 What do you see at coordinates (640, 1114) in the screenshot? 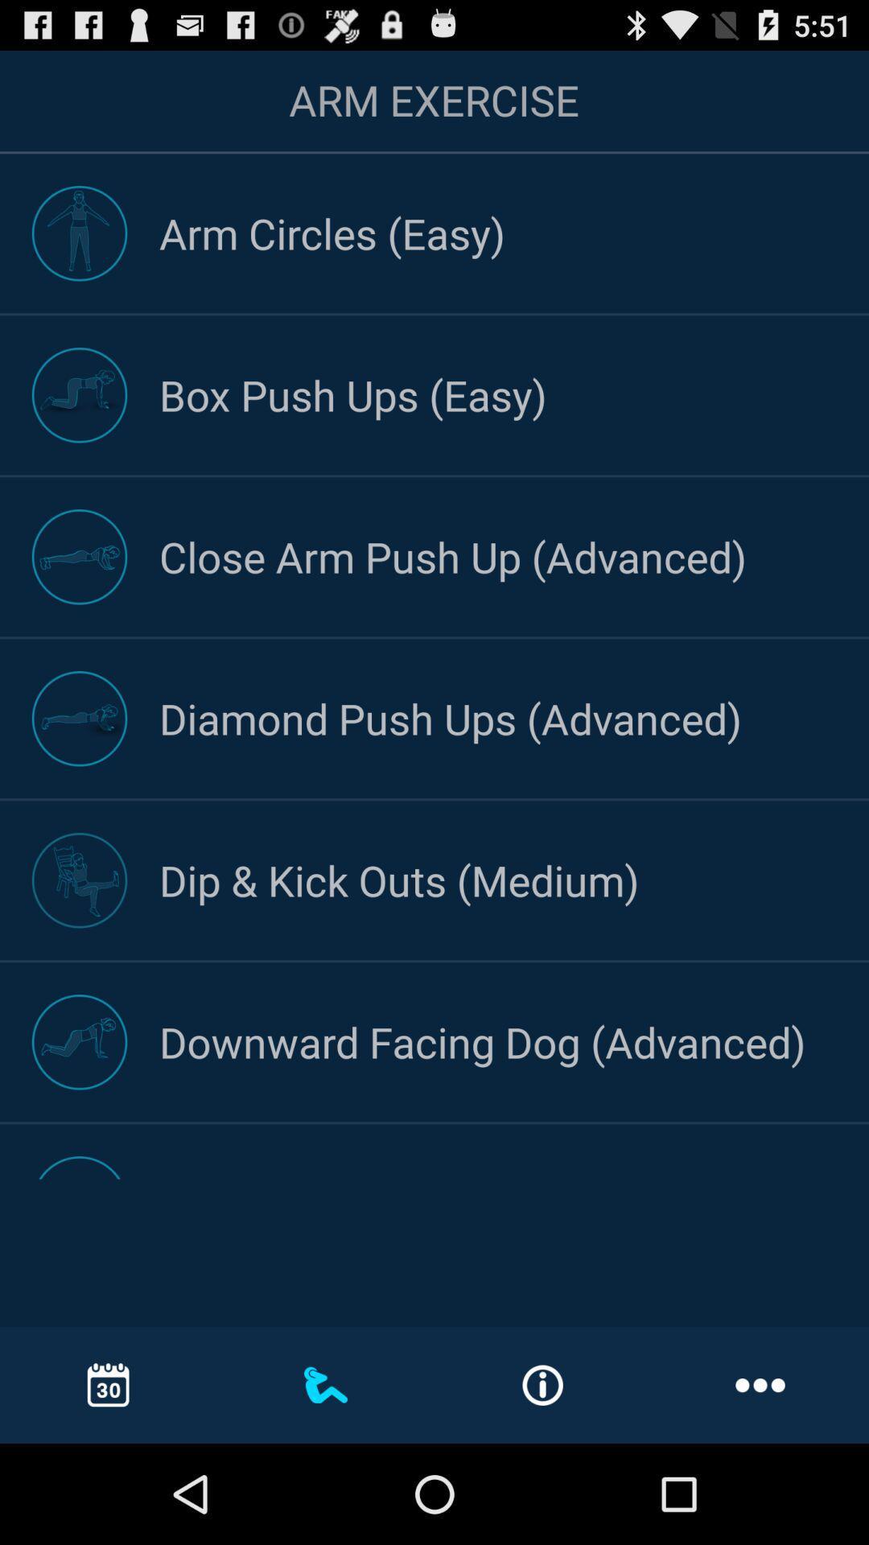
I see `the font icon` at bounding box center [640, 1114].